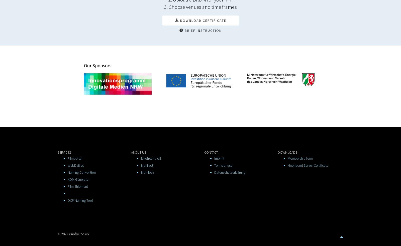 Image resolution: width=401 pixels, height=246 pixels. Describe the element at coordinates (200, 6) in the screenshot. I see `'3. Choose venues and time frames'` at that location.